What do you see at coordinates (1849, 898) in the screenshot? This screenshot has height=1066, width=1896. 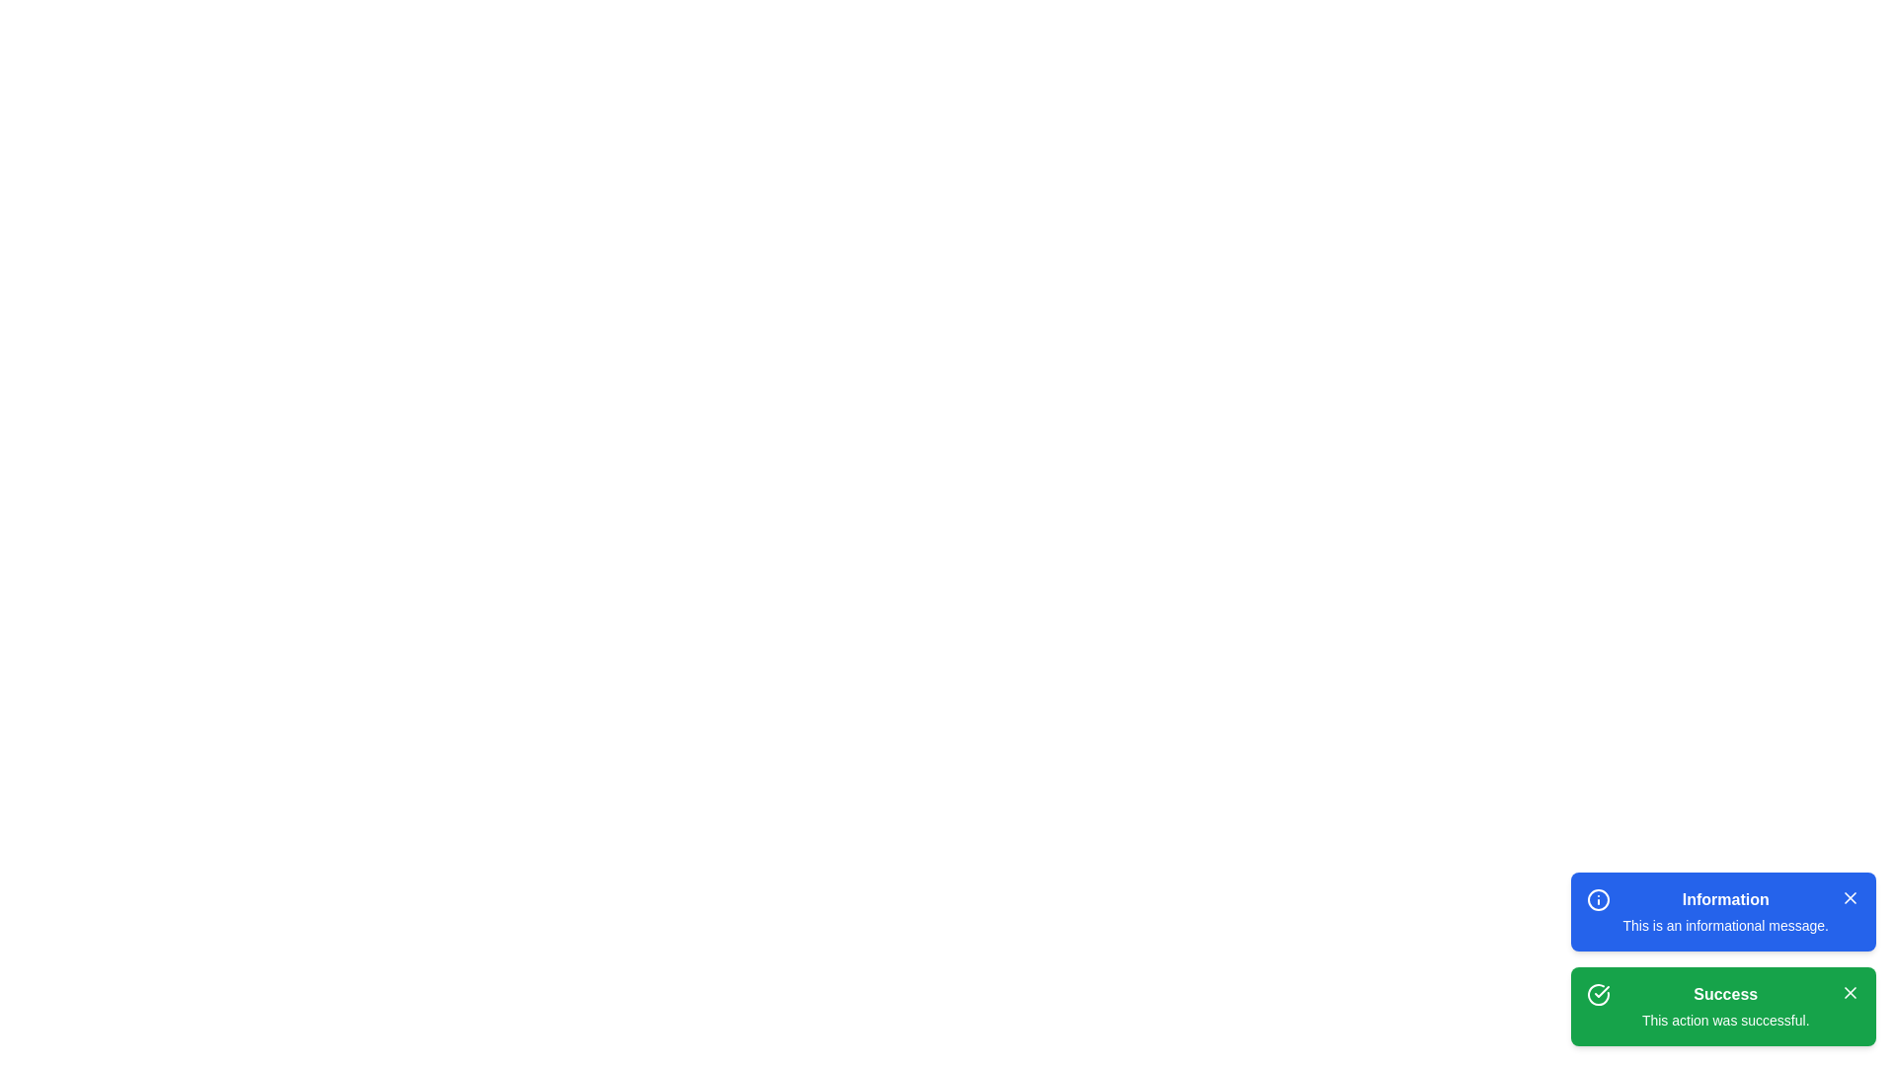 I see `the small button with a white 'X' icon on a square blue background located at the top-right corner of the 'Information' notification box` at bounding box center [1849, 898].